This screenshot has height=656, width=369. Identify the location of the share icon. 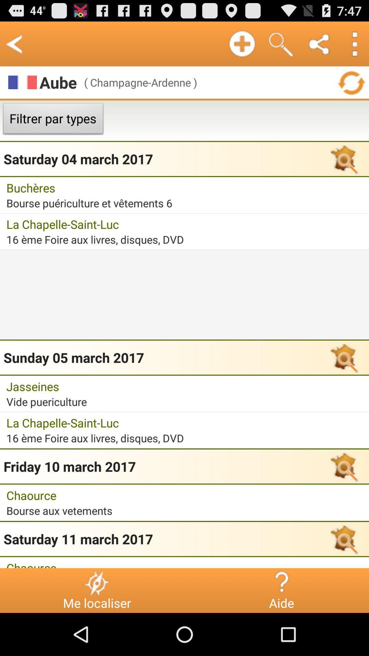
(319, 46).